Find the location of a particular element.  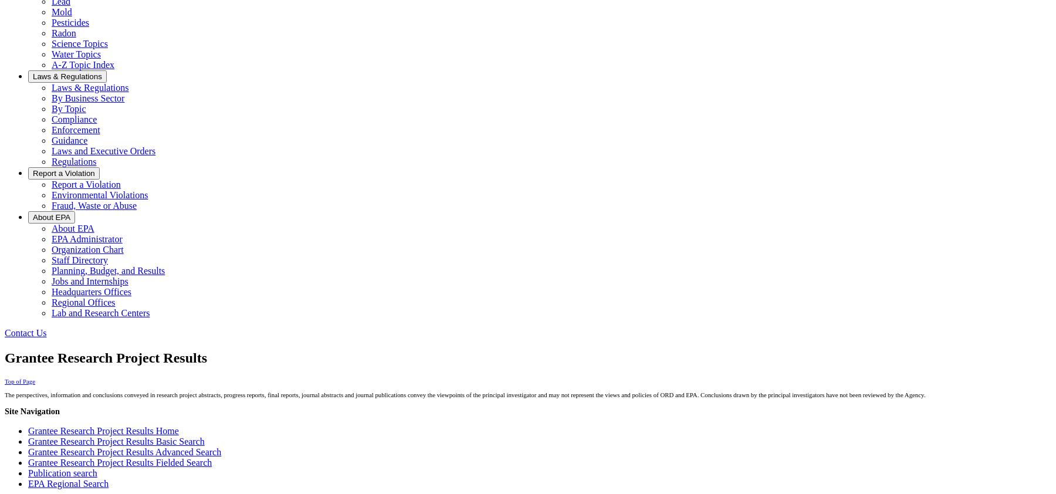

'Grantee Research Project Results Basic Search' is located at coordinates (28, 441).